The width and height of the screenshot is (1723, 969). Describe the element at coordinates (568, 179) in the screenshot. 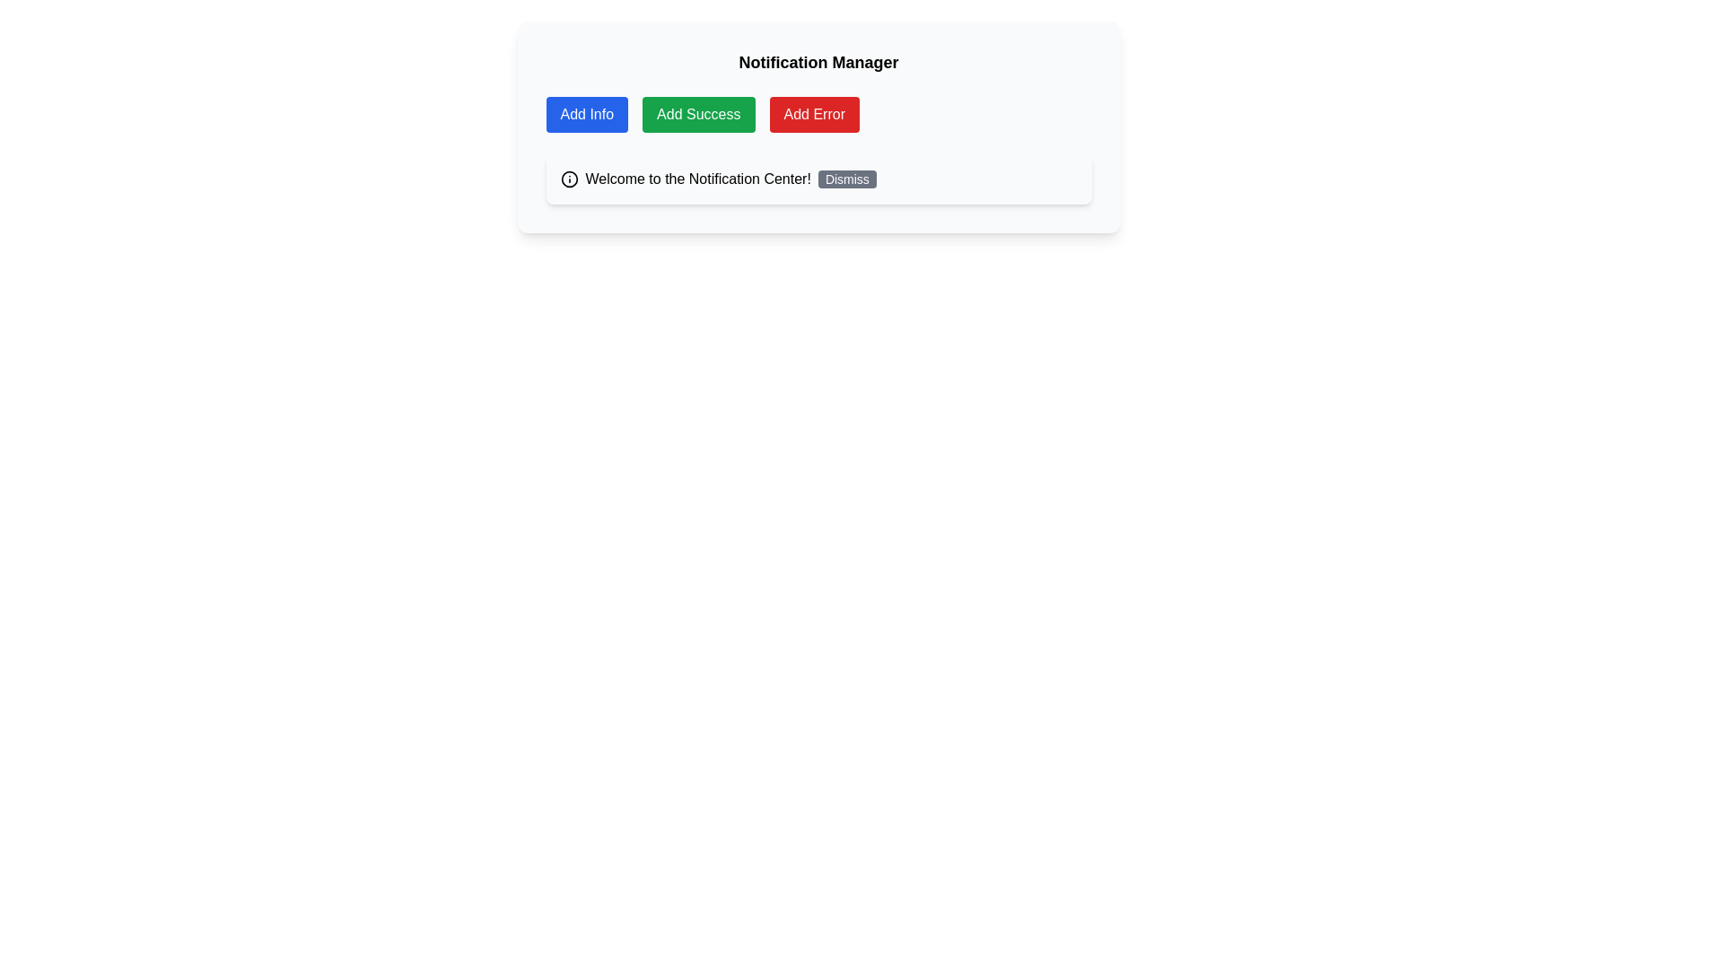

I see `the info icon, which is a circular icon with a black stroke and an 'i' symbol, positioned at the far left of the notification panel containing the text 'Welcome to the Notification Center!'` at that location.